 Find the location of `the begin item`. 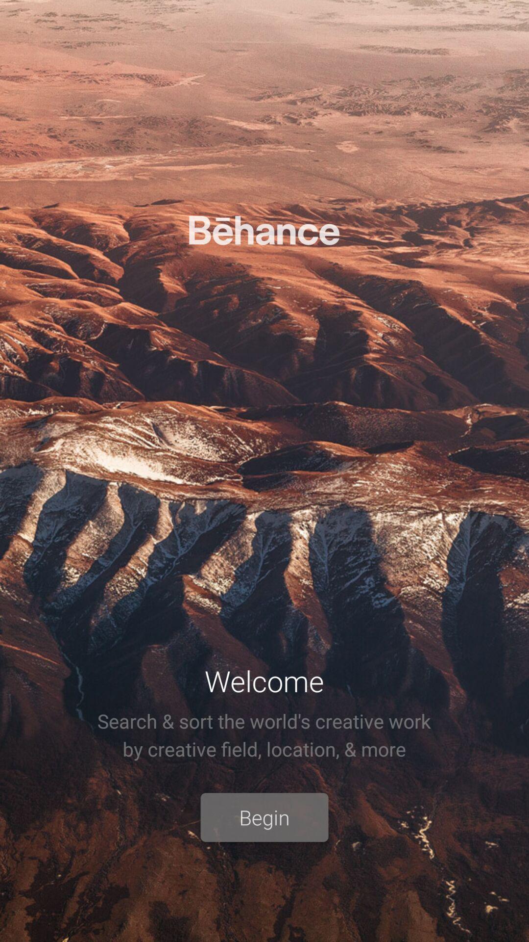

the begin item is located at coordinates (264, 817).